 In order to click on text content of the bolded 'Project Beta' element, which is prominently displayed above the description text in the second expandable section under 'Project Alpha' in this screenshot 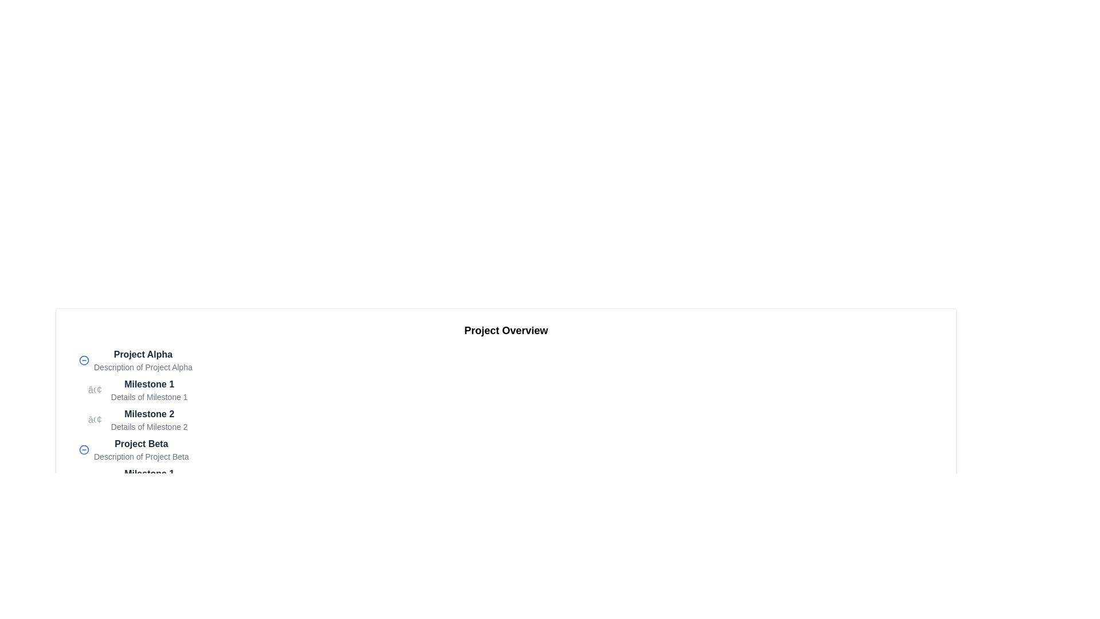, I will do `click(140, 444)`.